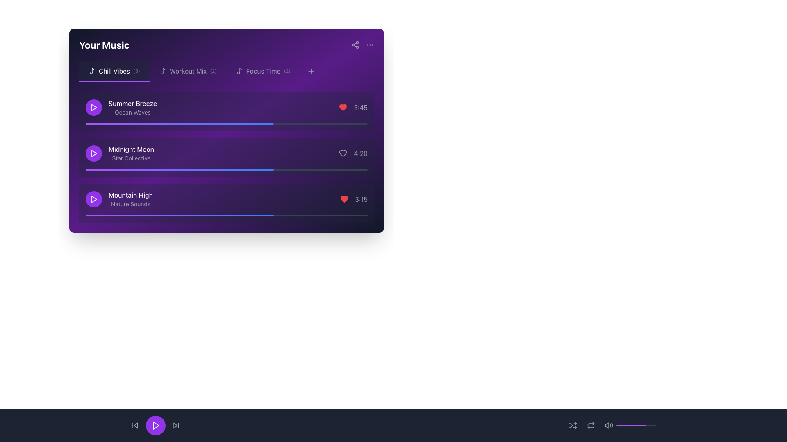 The image size is (787, 442). Describe the element at coordinates (305, 124) in the screenshot. I see `progress` at that location.